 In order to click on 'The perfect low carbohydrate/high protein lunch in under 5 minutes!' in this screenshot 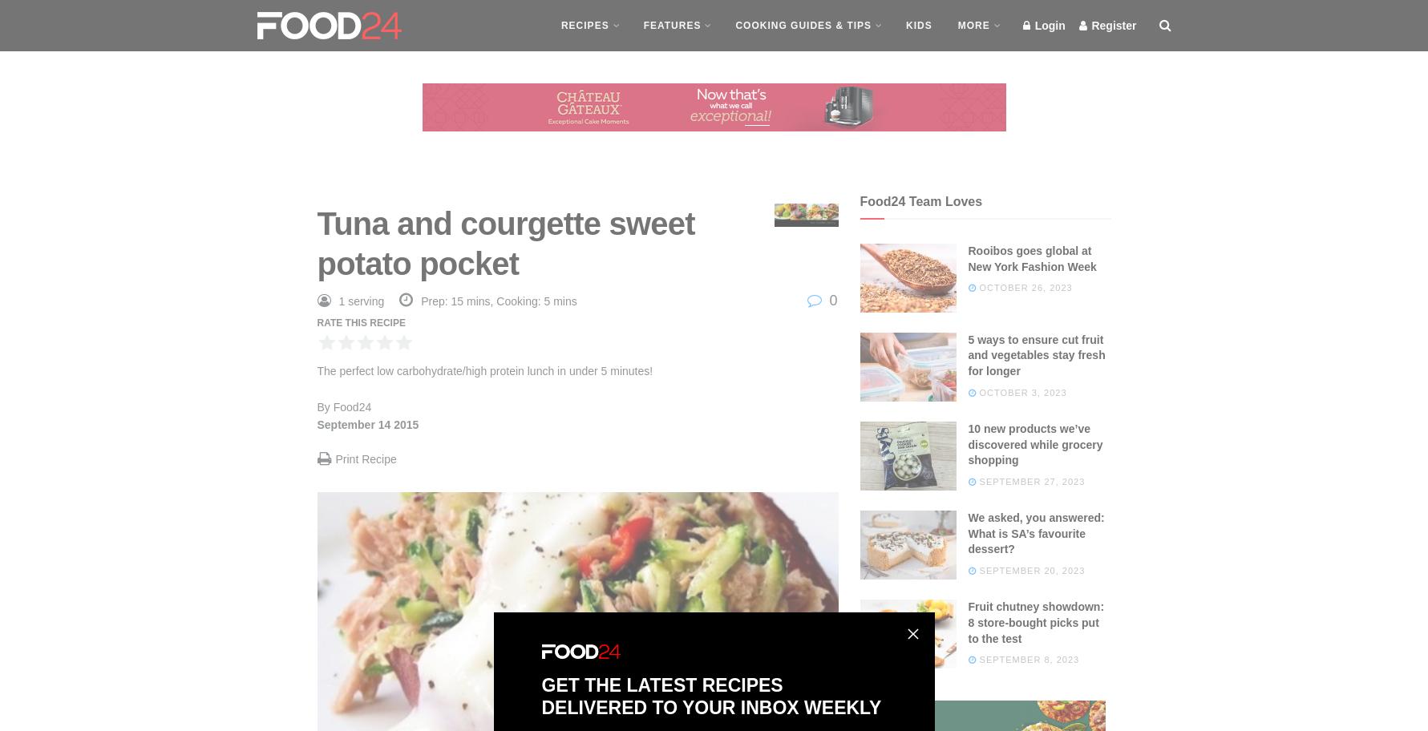, I will do `click(483, 371)`.